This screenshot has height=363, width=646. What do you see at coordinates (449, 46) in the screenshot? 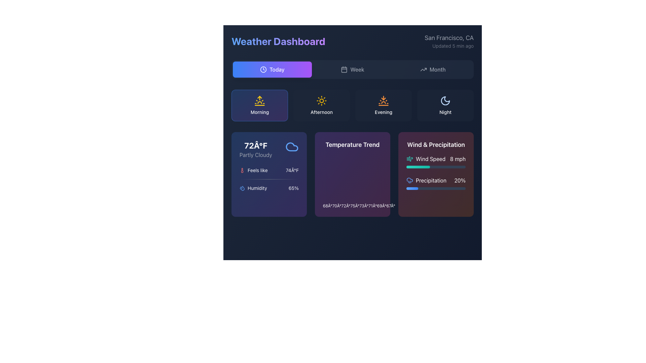
I see `the Text Label displaying the latest update timestamp, which is positioned directly underneath the 'San Francisco, CA' text in the upper-right corner of the interface` at bounding box center [449, 46].